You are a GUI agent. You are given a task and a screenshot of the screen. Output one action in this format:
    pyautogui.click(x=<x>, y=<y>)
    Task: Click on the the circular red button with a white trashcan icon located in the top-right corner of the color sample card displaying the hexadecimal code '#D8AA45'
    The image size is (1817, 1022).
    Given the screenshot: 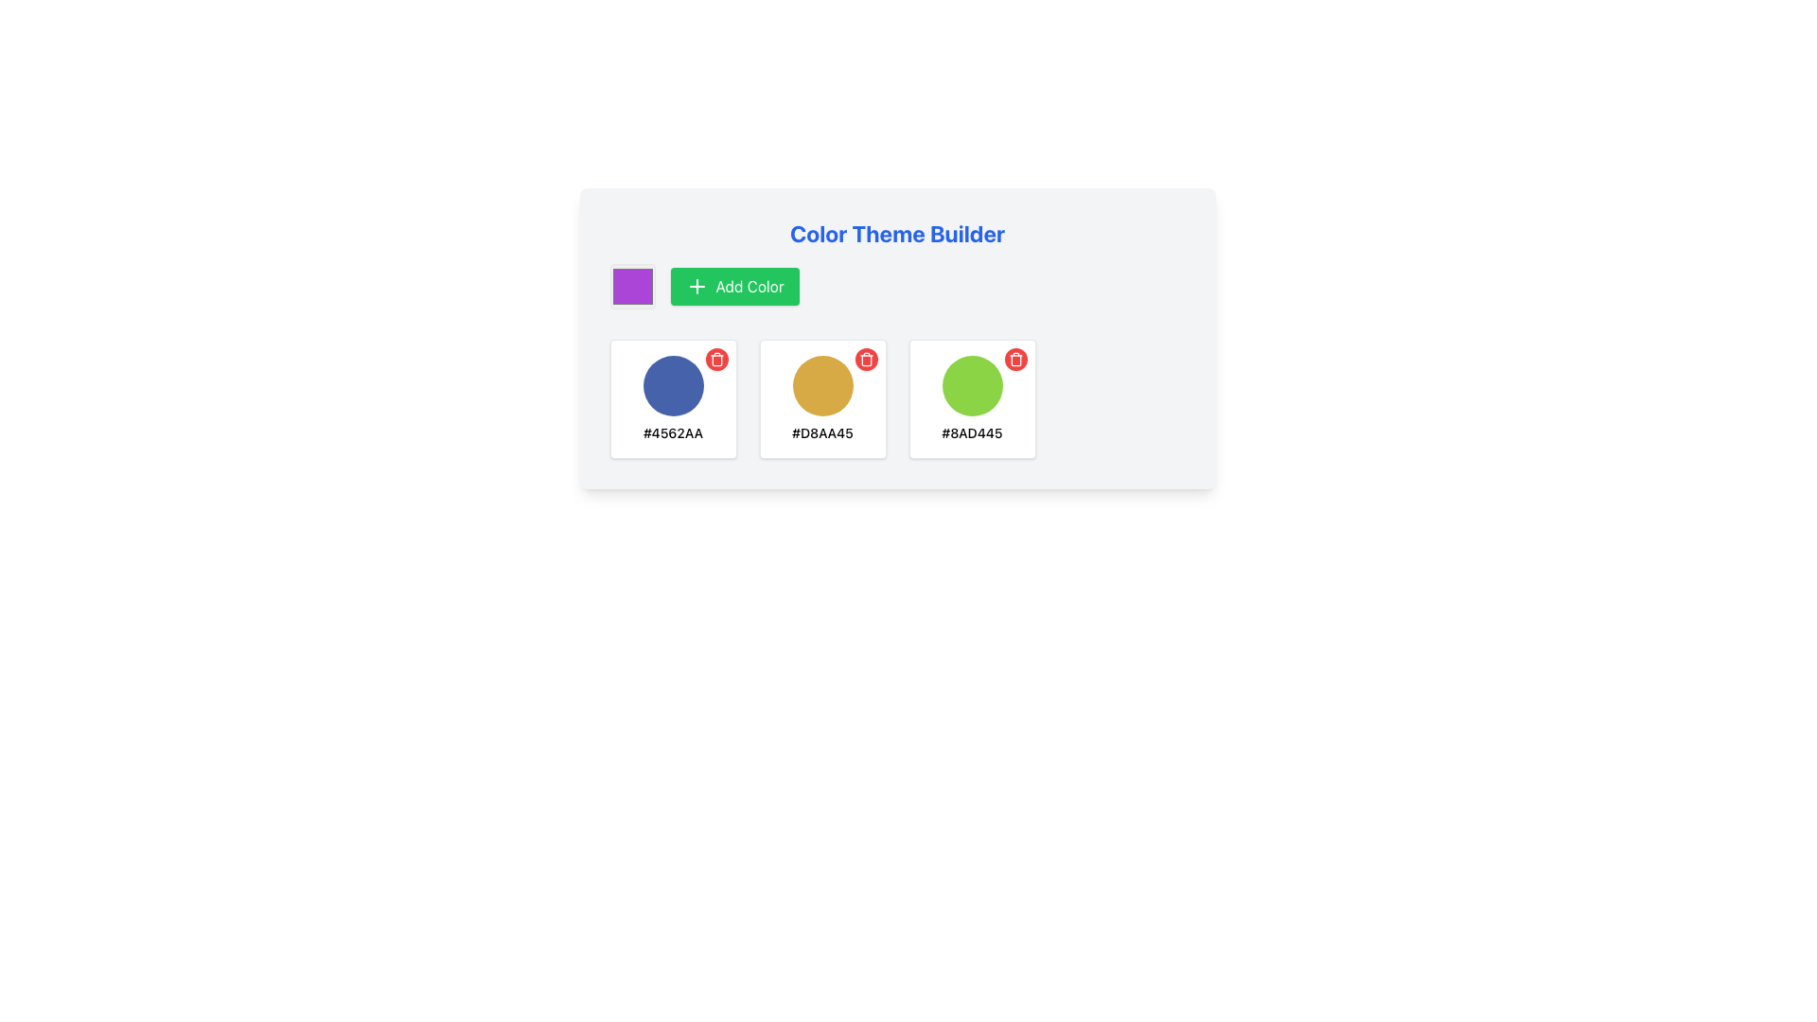 What is the action you would take?
    pyautogui.click(x=865, y=360)
    